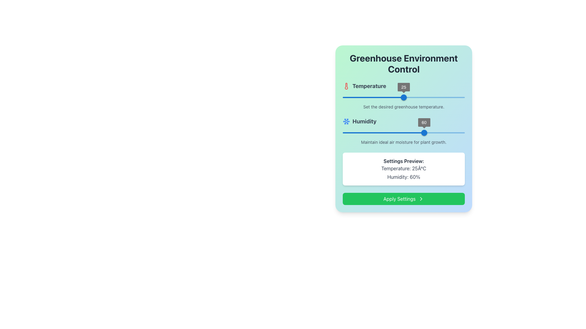 The height and width of the screenshot is (329, 586). I want to click on the humidity, so click(439, 132).